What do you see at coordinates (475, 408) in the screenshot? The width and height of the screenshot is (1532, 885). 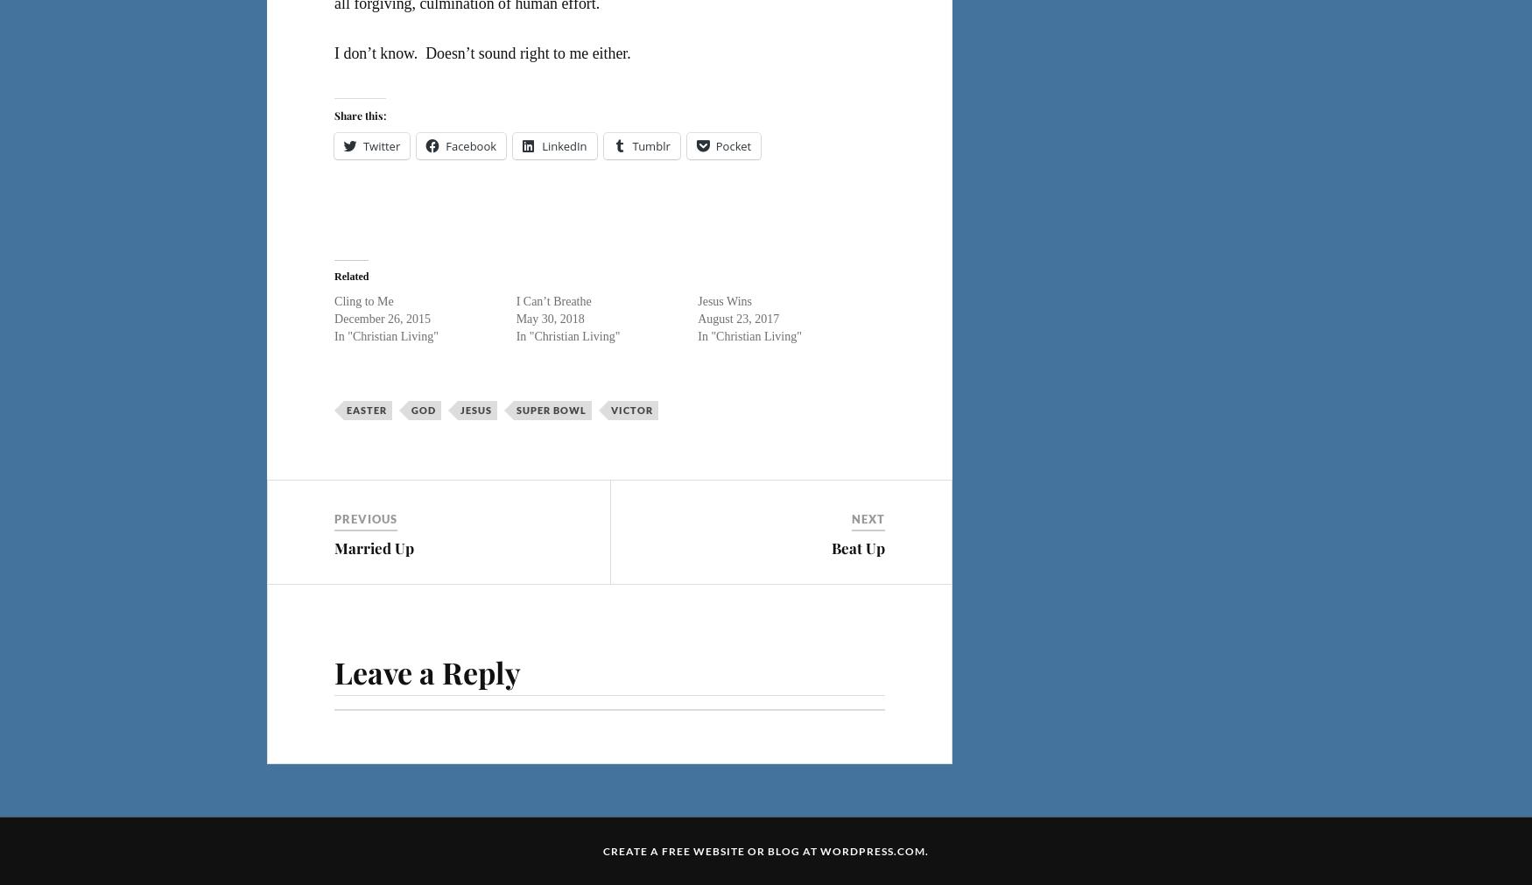 I see `'Jesus'` at bounding box center [475, 408].